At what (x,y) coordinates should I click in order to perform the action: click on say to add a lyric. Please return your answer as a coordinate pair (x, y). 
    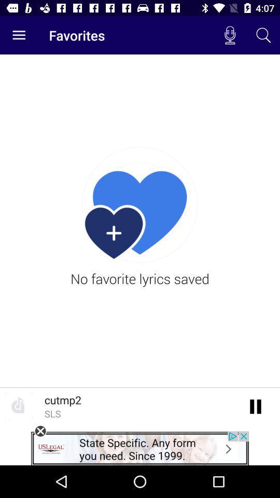
    Looking at the image, I should click on (255, 406).